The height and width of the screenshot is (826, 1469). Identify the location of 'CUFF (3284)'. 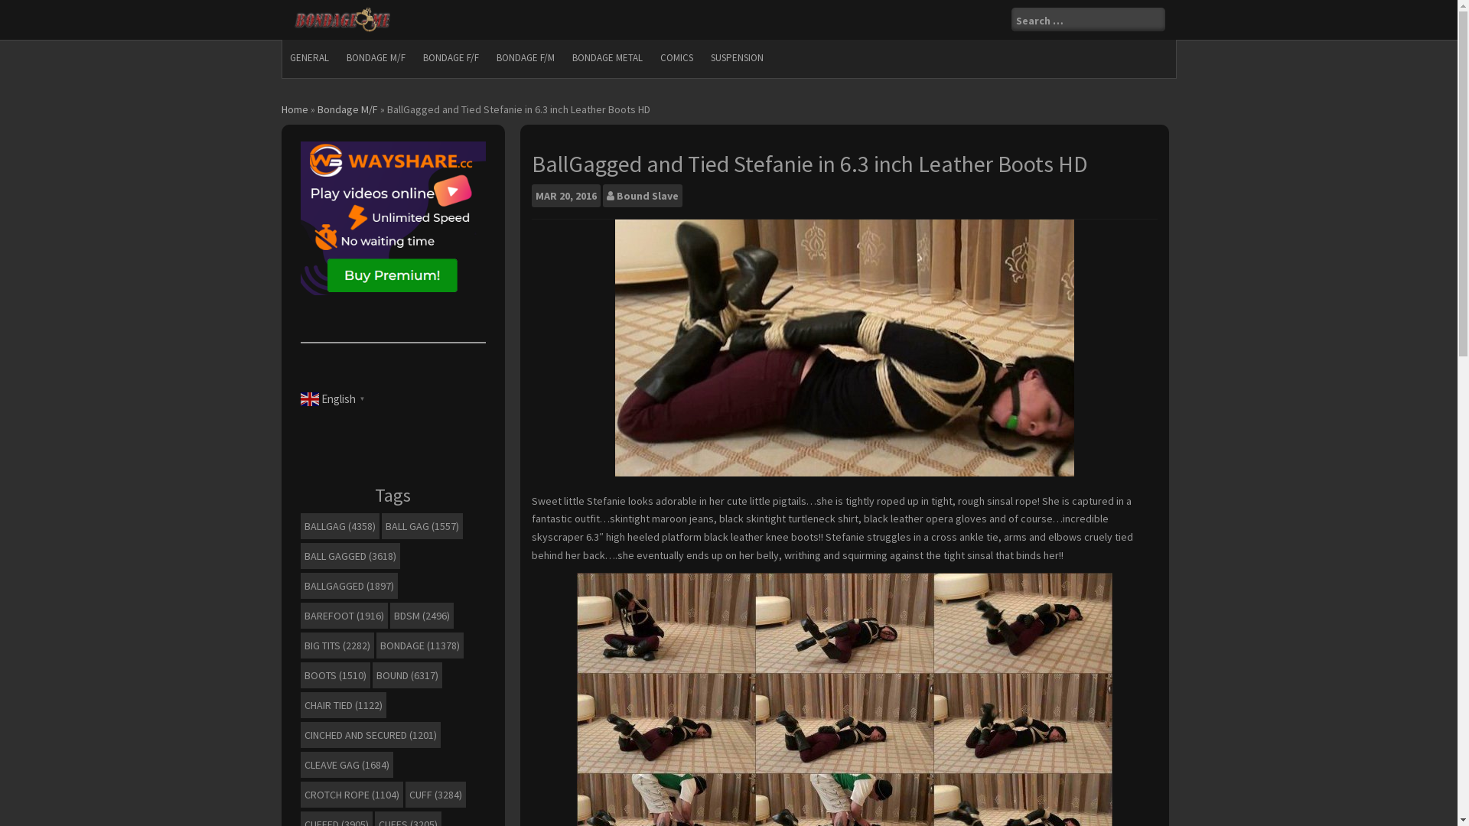
(405, 793).